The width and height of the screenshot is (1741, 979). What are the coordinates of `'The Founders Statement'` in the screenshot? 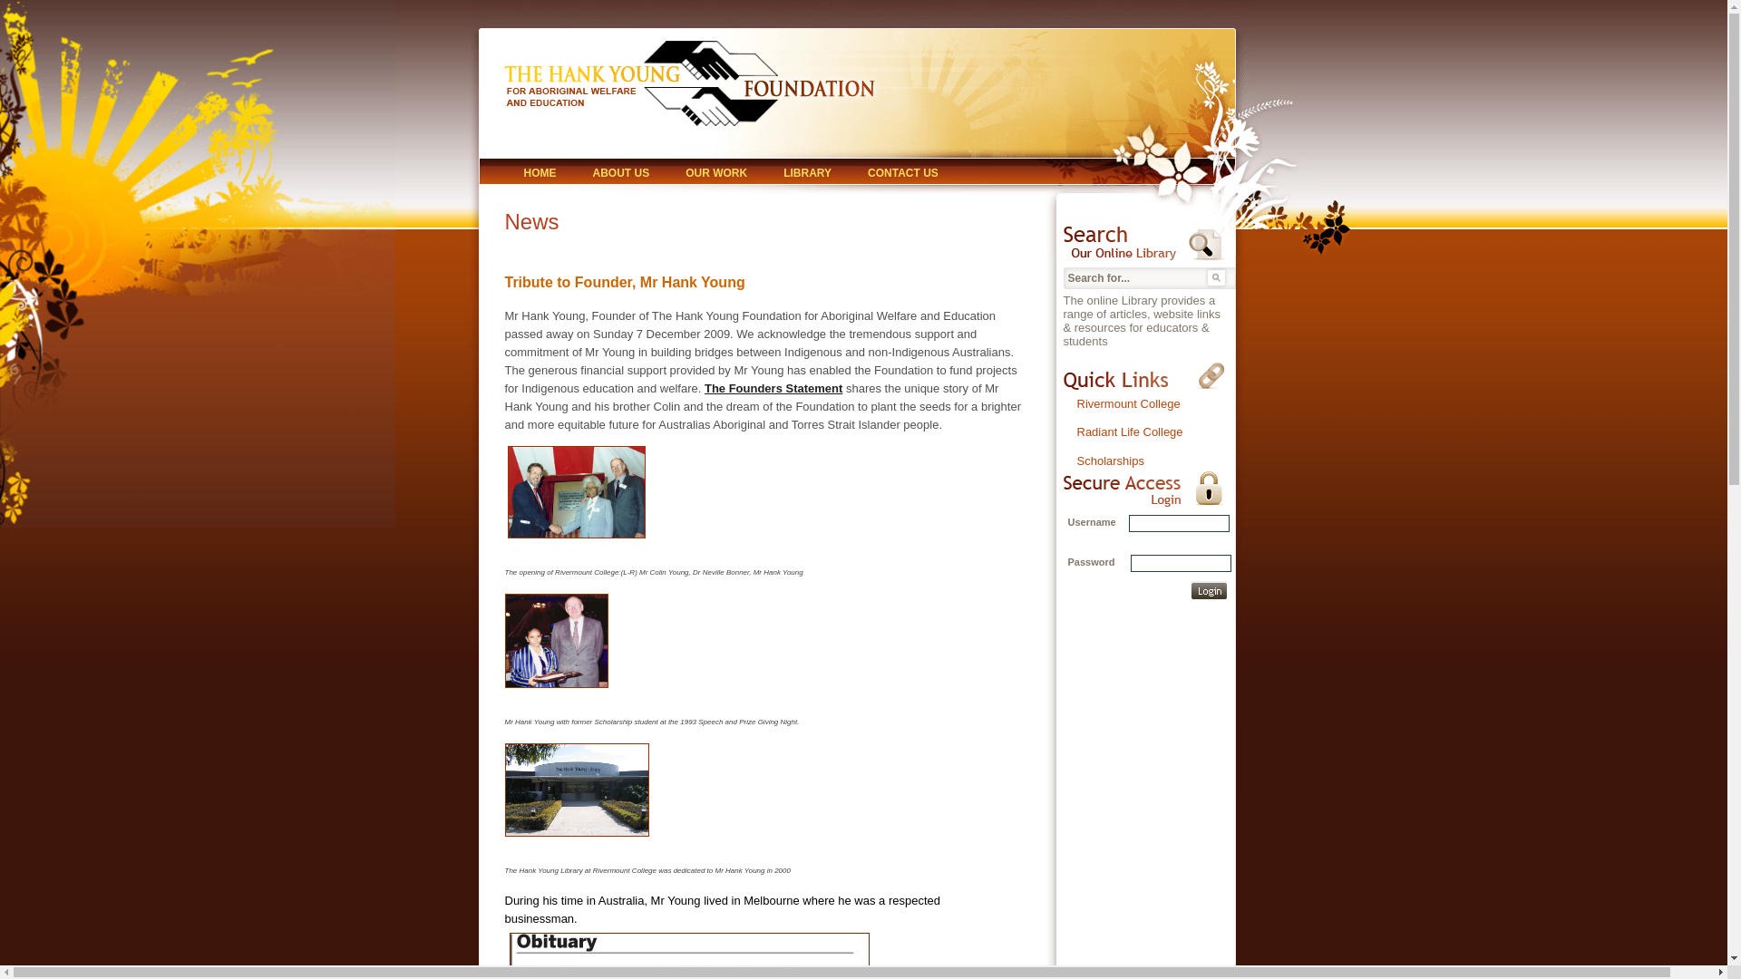 It's located at (773, 387).